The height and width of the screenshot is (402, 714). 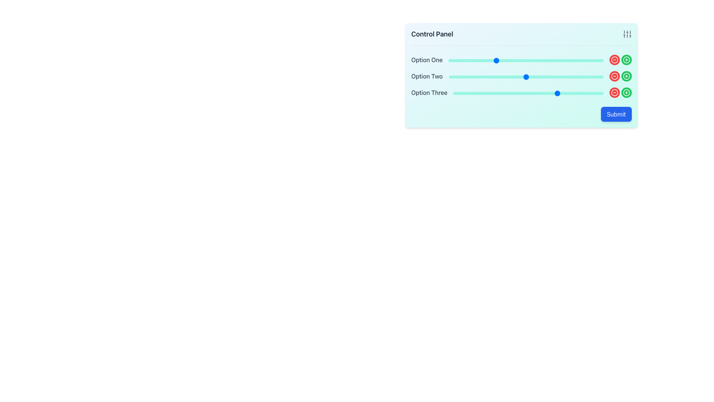 I want to click on the circular red button with a minus symbol located on the far right side of the control panel to decrement or remove an option, so click(x=614, y=76).